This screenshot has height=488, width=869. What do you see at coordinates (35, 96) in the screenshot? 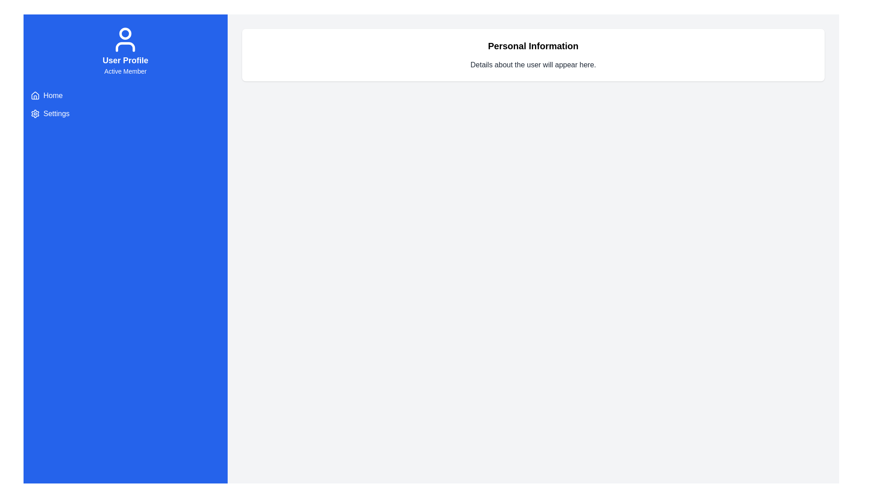
I see `the 'Home' icon located in the left navigation panel, which is the first entry and positioned to the left of the 'Home' text` at bounding box center [35, 96].